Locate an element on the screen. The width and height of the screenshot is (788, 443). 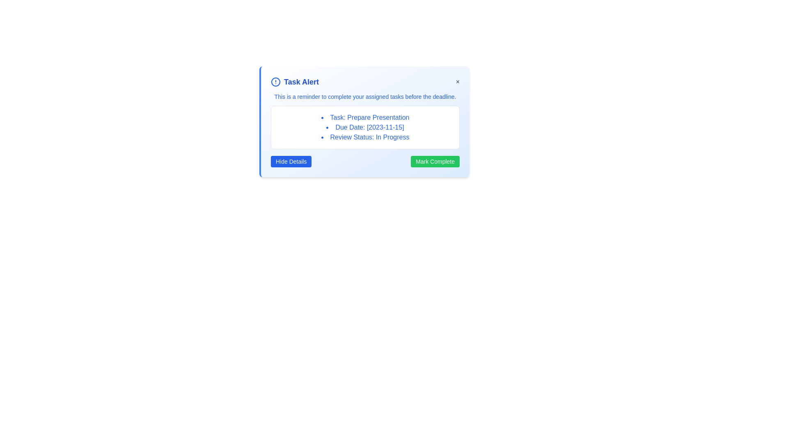
the '×' button to dismiss the alert is located at coordinates (457, 82).